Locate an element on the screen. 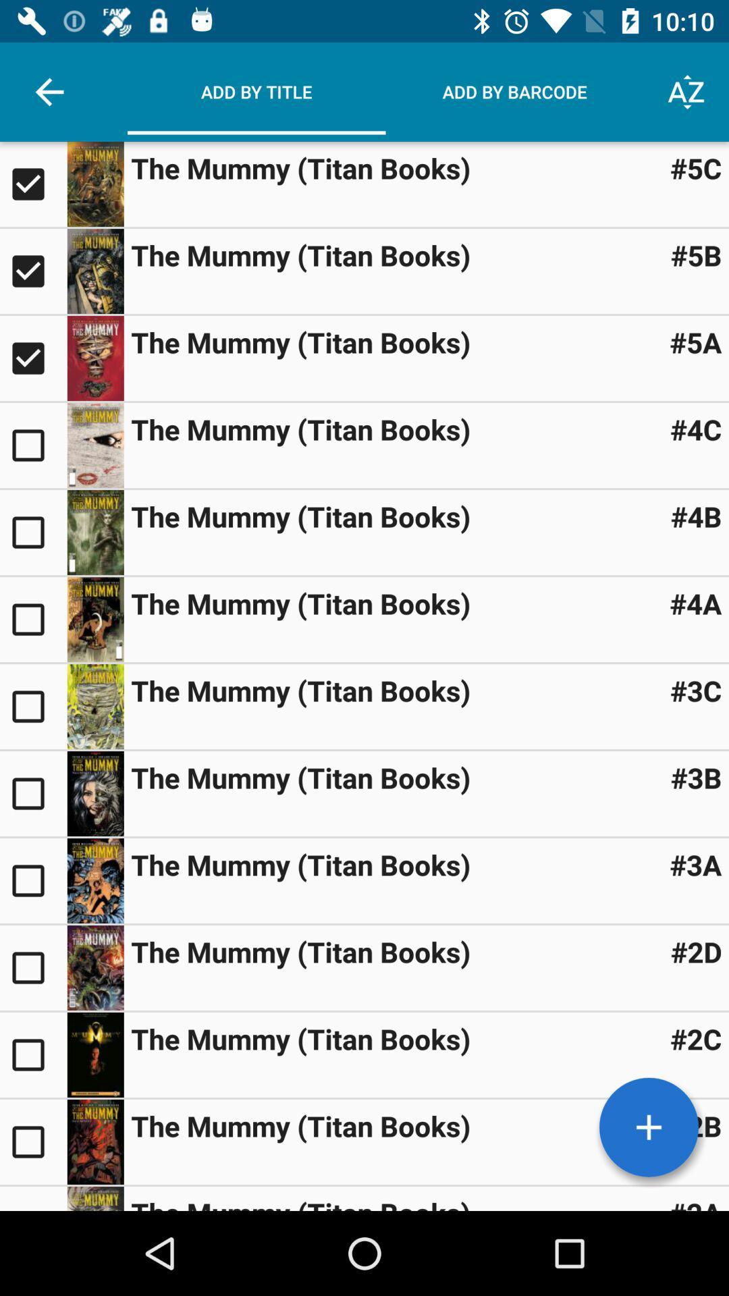 The height and width of the screenshot is (1296, 729). book information is located at coordinates (94, 1199).